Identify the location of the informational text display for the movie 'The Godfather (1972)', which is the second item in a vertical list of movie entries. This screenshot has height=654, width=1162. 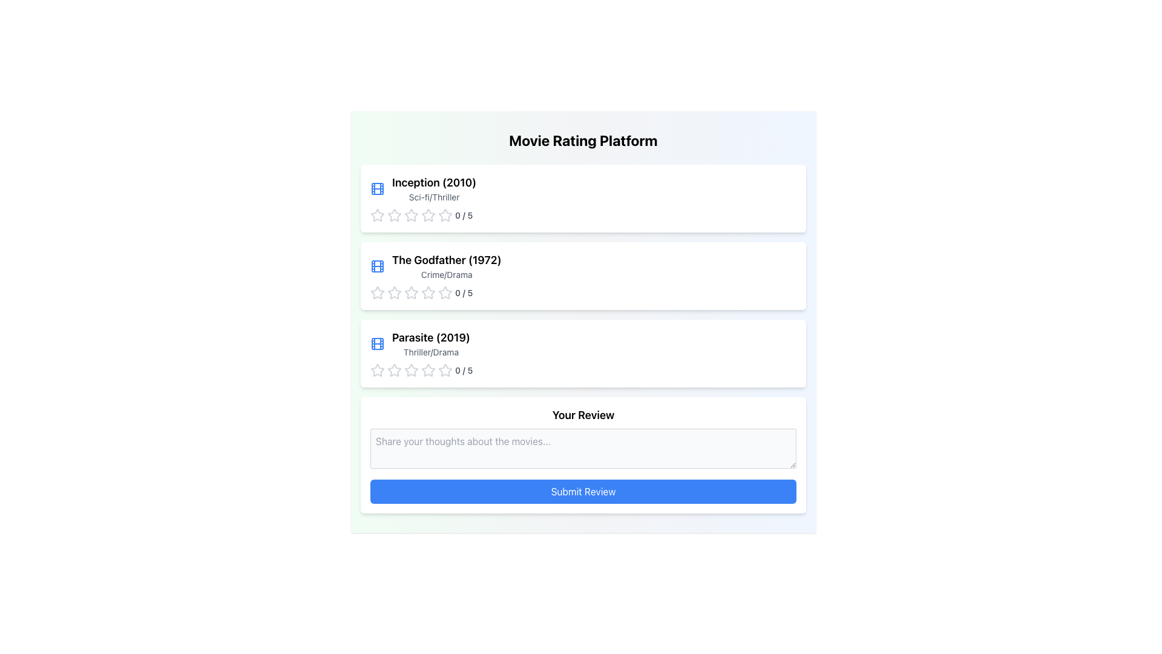
(446, 265).